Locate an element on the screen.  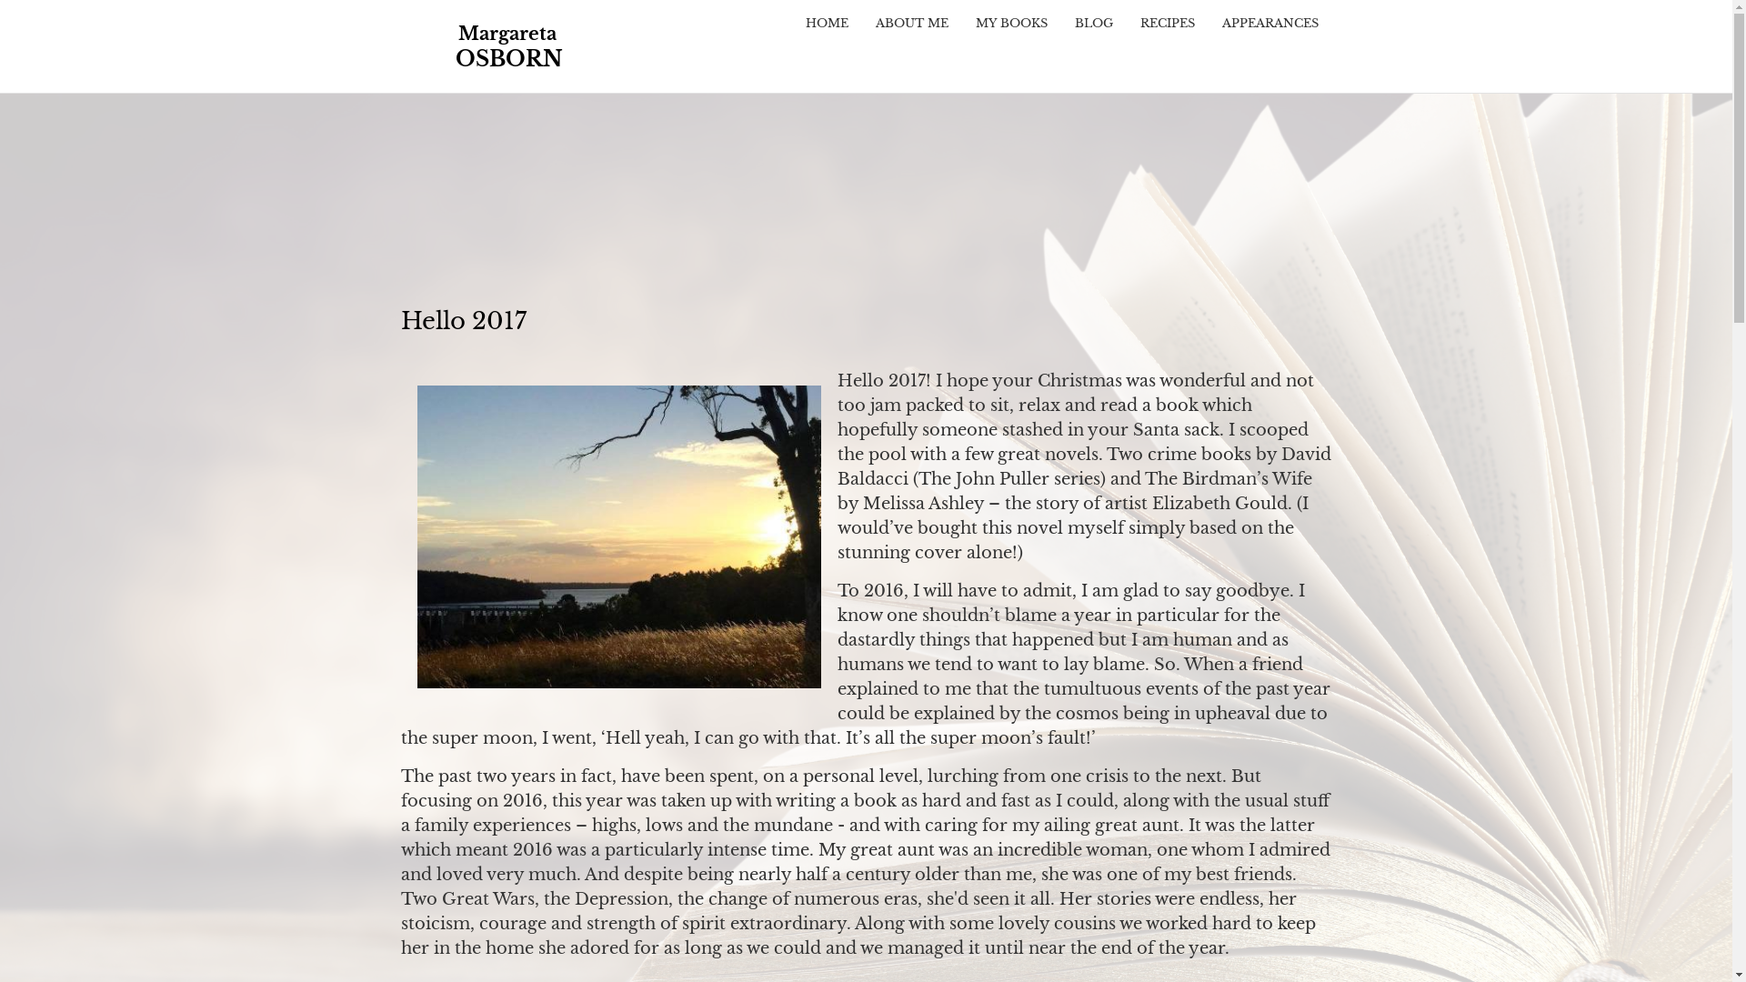
'APPEARANCES' is located at coordinates (1269, 23).